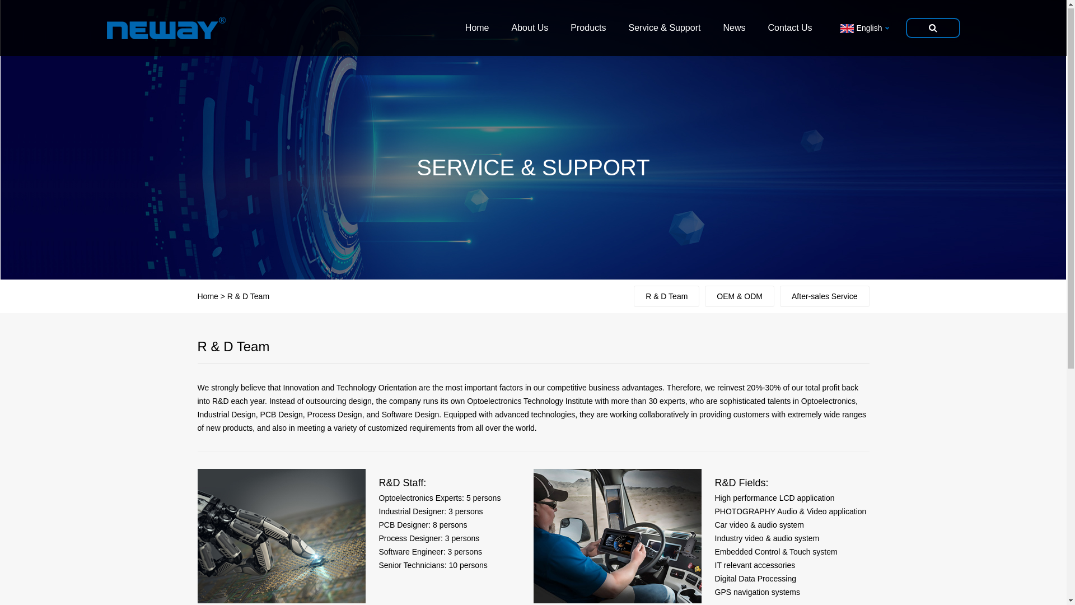  Describe the element at coordinates (477, 27) in the screenshot. I see `'Home'` at that location.